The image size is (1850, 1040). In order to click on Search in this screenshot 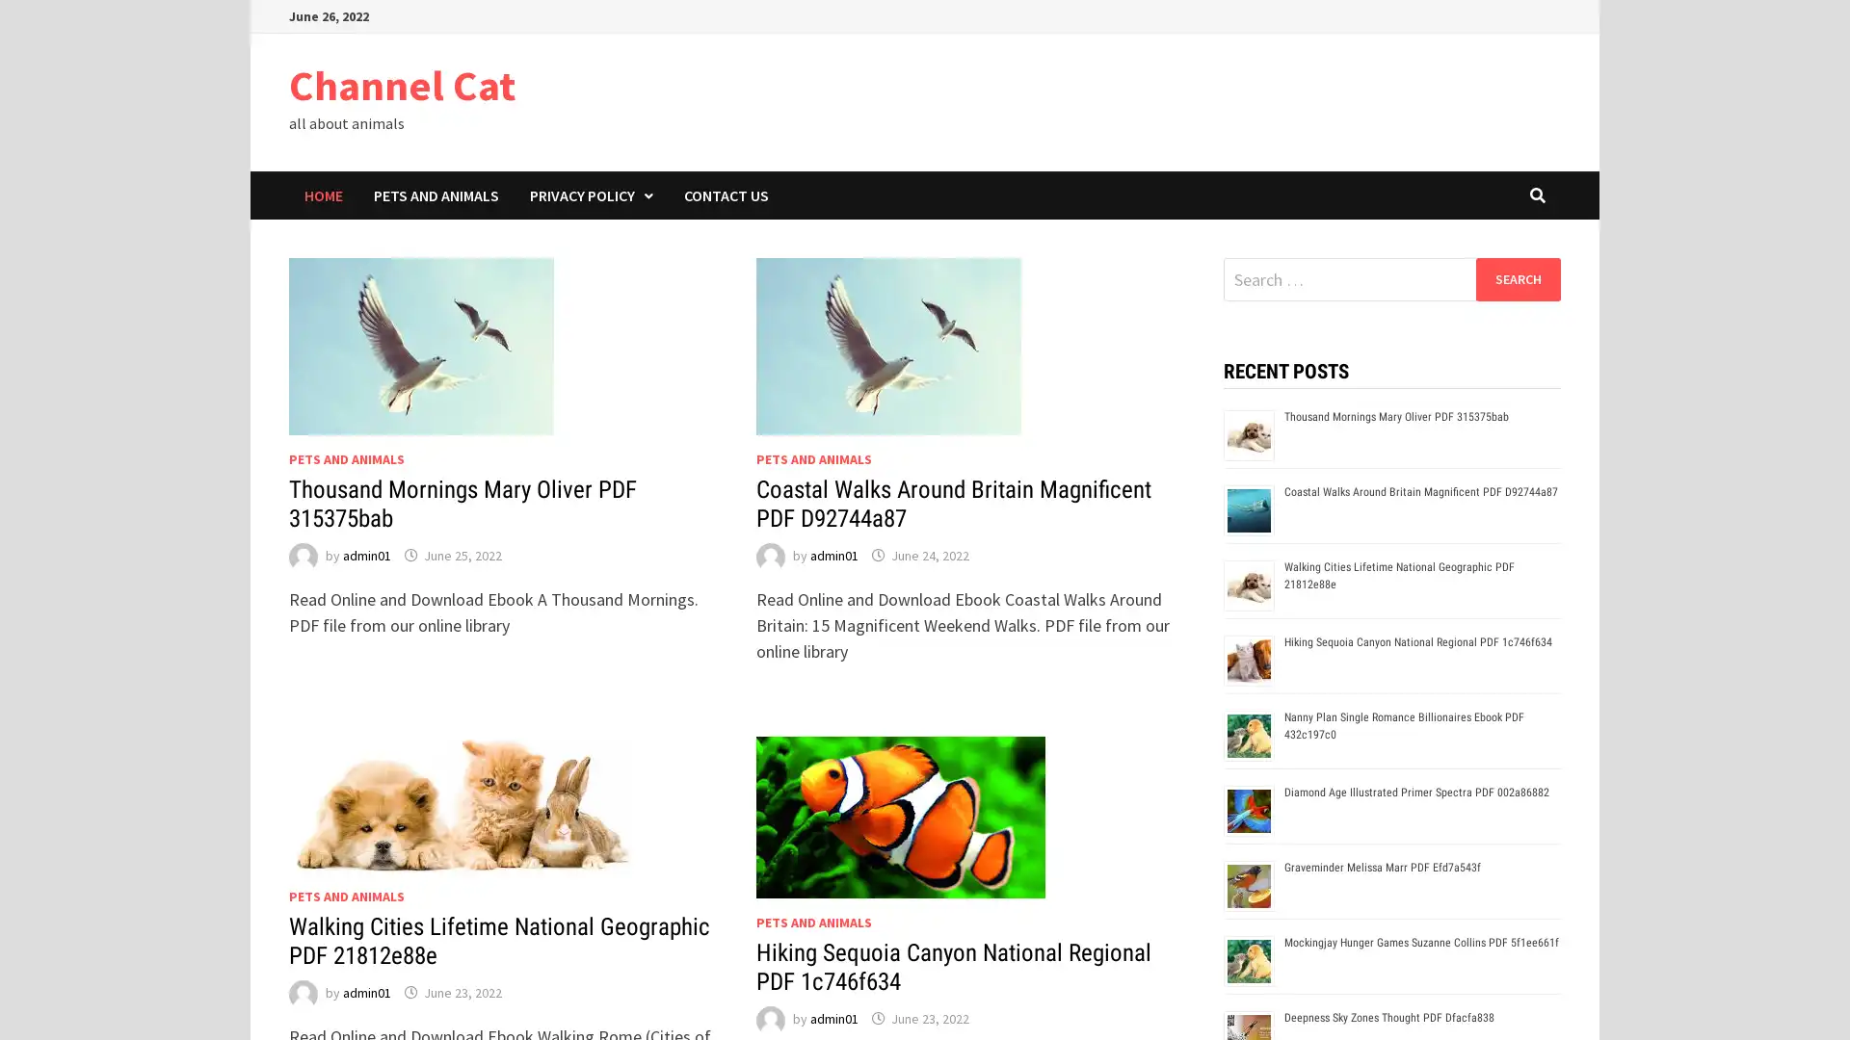, I will do `click(1517, 278)`.